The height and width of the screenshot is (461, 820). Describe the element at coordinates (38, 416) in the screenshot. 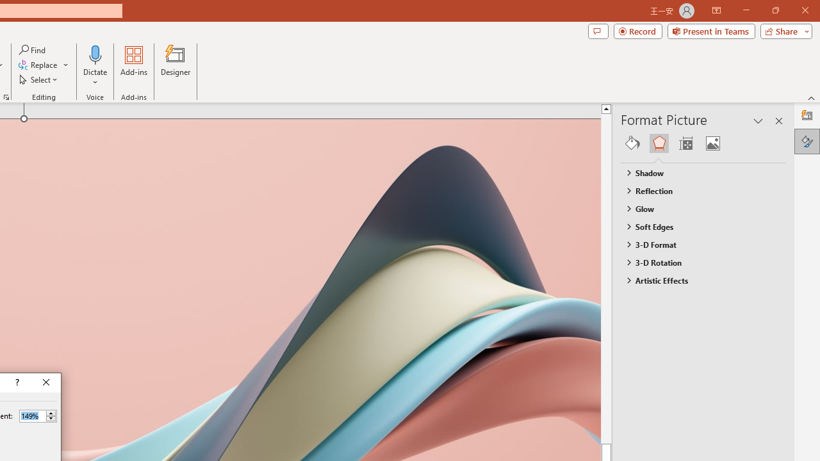

I see `'Percent'` at that location.